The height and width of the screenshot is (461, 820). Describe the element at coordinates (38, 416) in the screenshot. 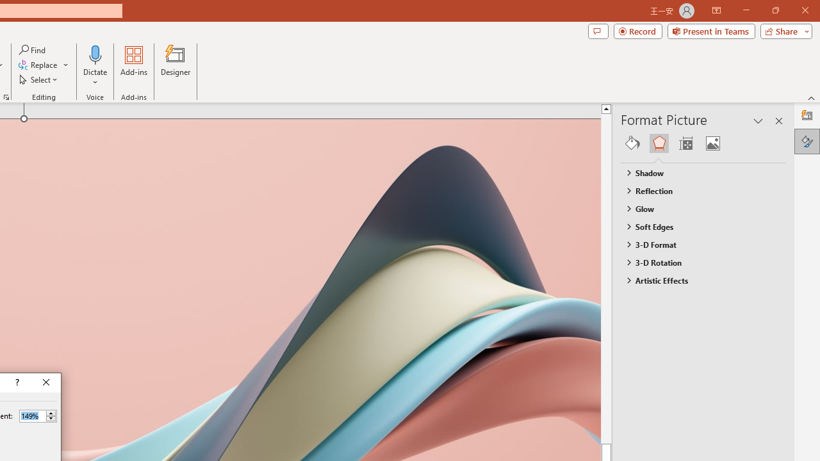

I see `'Percent'` at that location.